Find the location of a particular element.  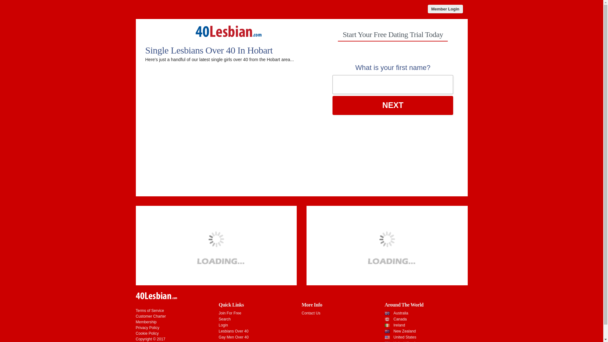

'Terms of Service' is located at coordinates (135, 310).